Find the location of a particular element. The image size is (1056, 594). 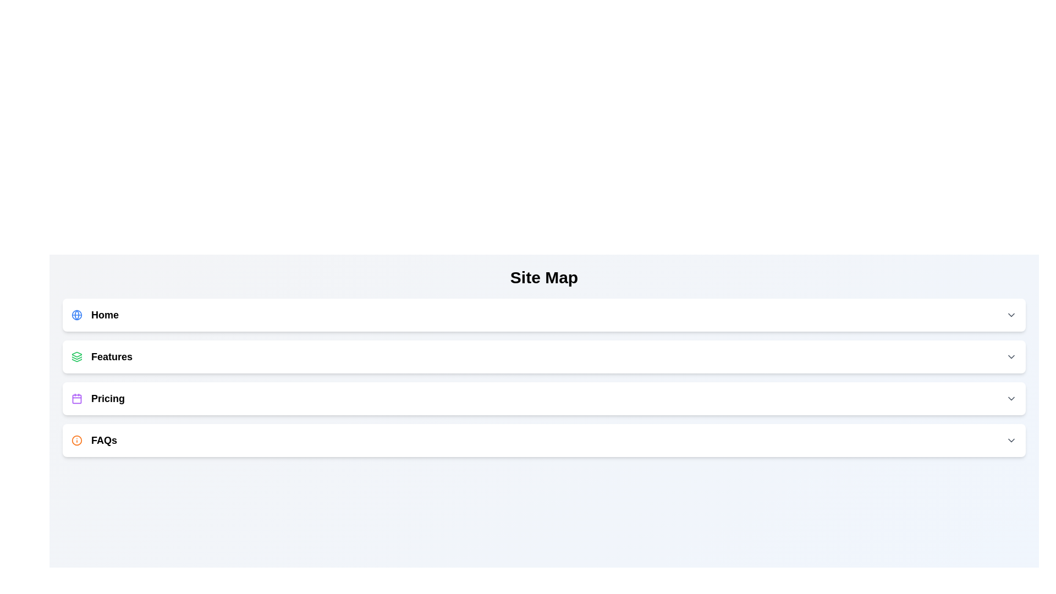

the 'Features' navigation item, which is the second item in a vertical list of options is located at coordinates (102, 356).